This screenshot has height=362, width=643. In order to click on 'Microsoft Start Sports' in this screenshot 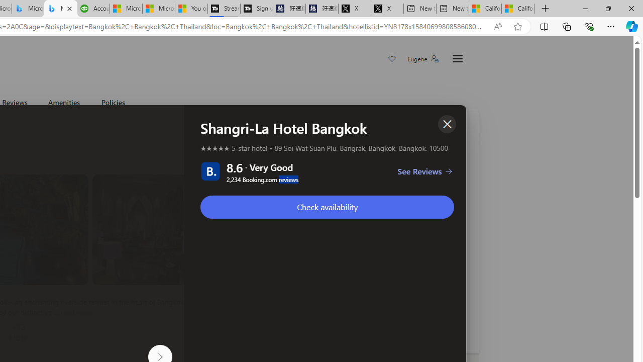, I will do `click(125, 9)`.